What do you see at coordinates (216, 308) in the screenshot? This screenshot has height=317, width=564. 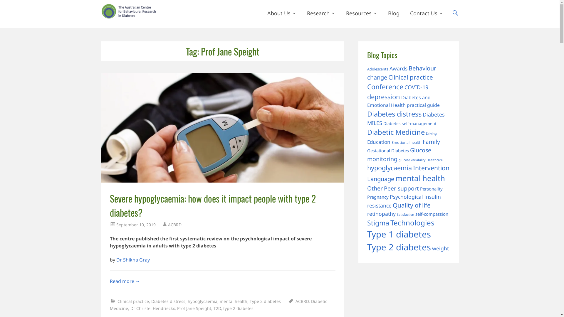 I see `'T2D'` at bounding box center [216, 308].